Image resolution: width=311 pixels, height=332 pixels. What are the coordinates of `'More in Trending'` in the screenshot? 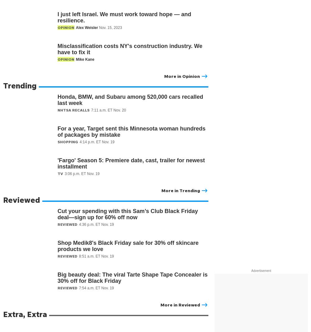 It's located at (180, 190).